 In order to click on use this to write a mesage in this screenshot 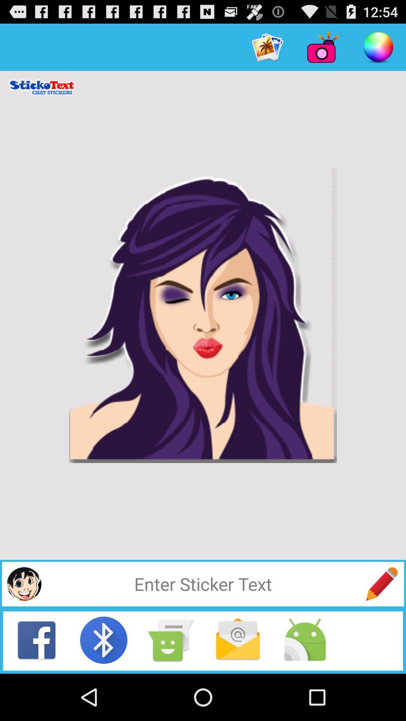, I will do `click(382, 584)`.